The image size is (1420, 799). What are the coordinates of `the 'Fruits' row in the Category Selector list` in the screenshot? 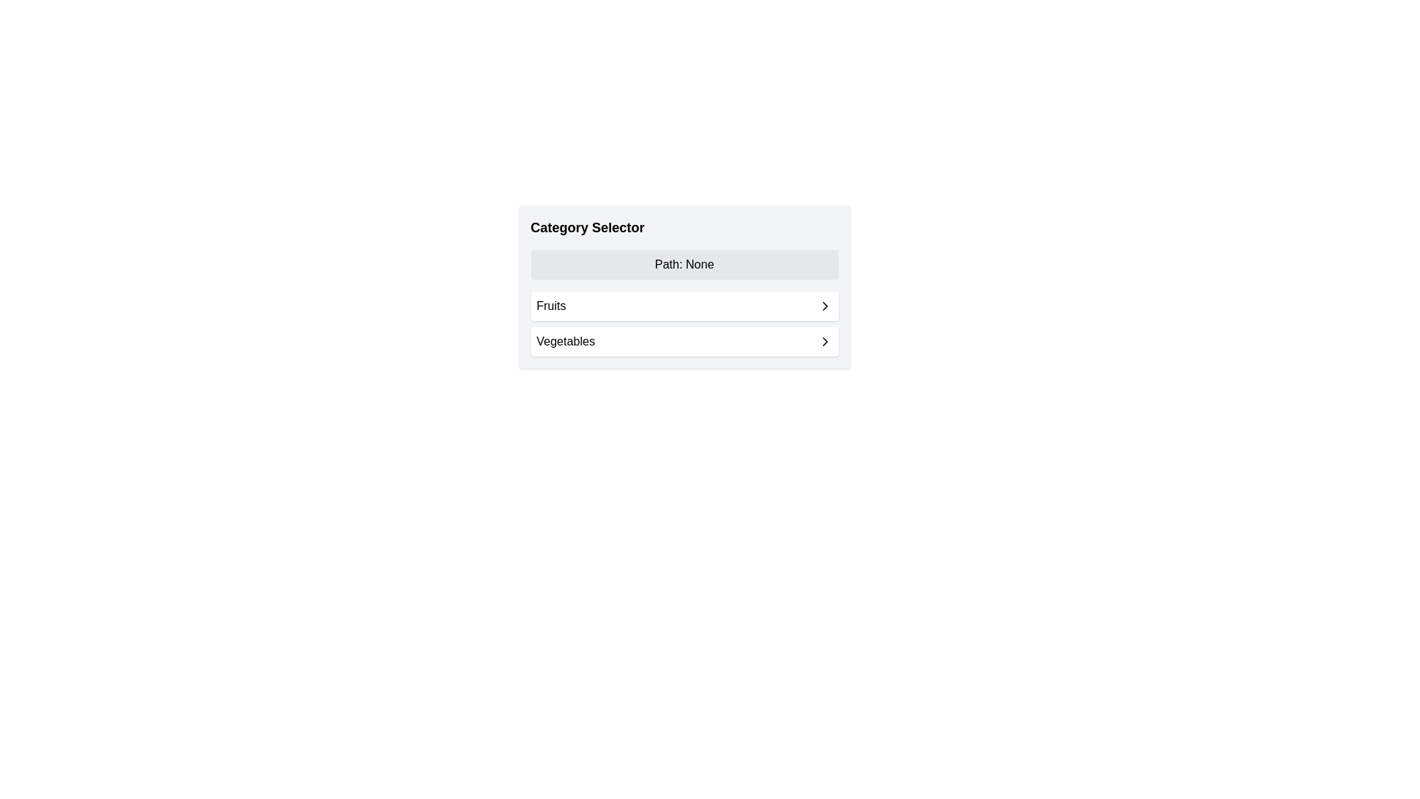 It's located at (683, 323).